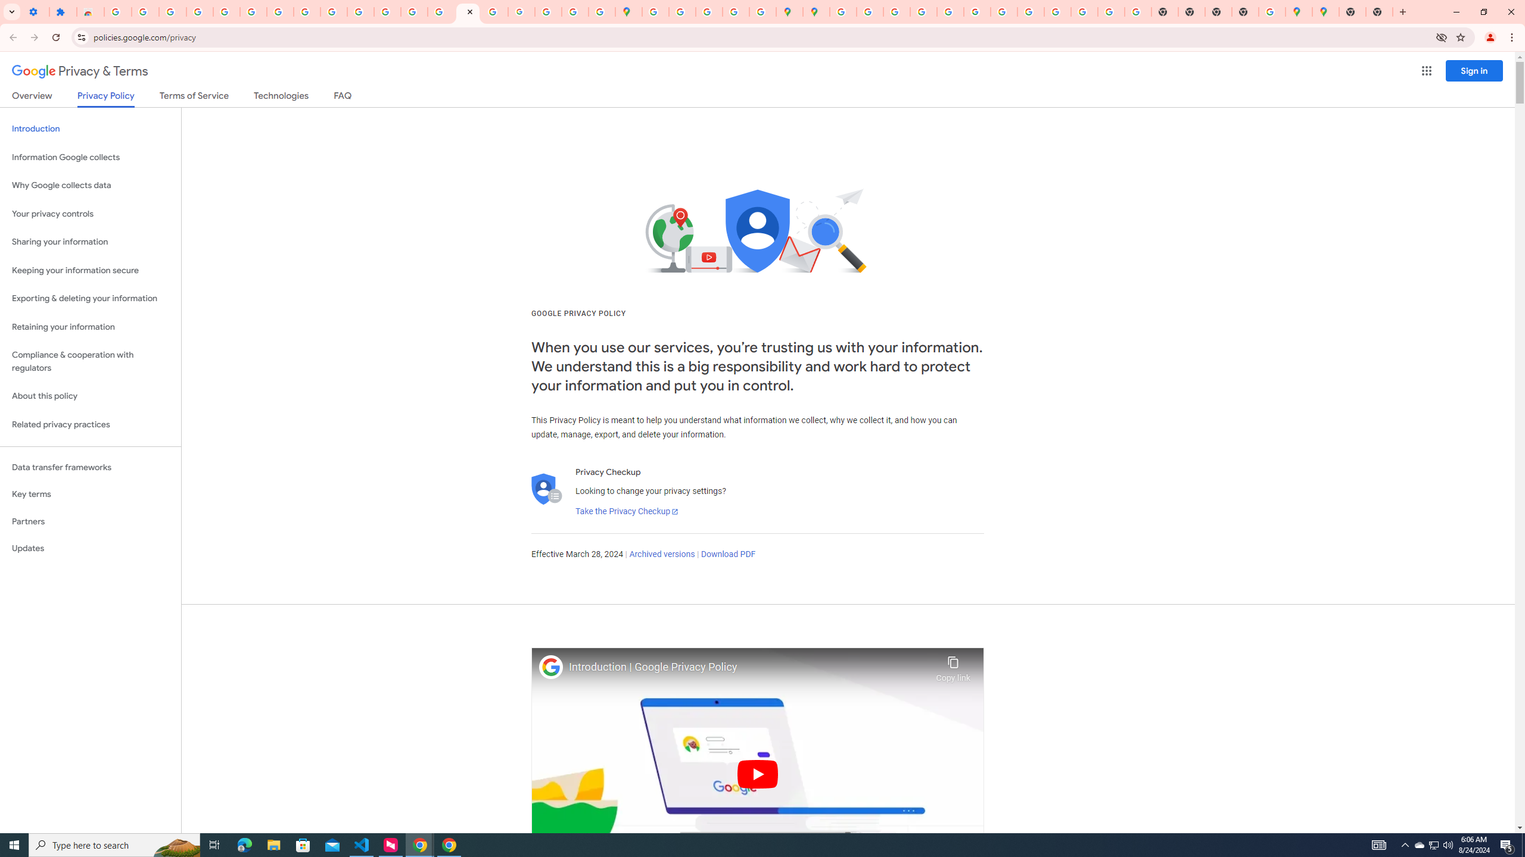 The image size is (1525, 857). Describe the element at coordinates (1379, 11) in the screenshot. I see `'New Tab'` at that location.